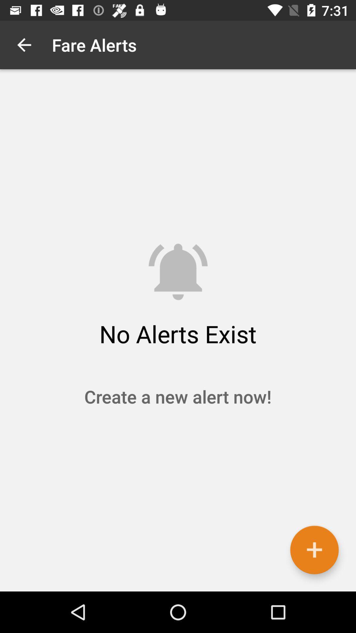 Image resolution: width=356 pixels, height=633 pixels. What do you see at coordinates (314, 550) in the screenshot?
I see `the item at the bottom right corner` at bounding box center [314, 550].